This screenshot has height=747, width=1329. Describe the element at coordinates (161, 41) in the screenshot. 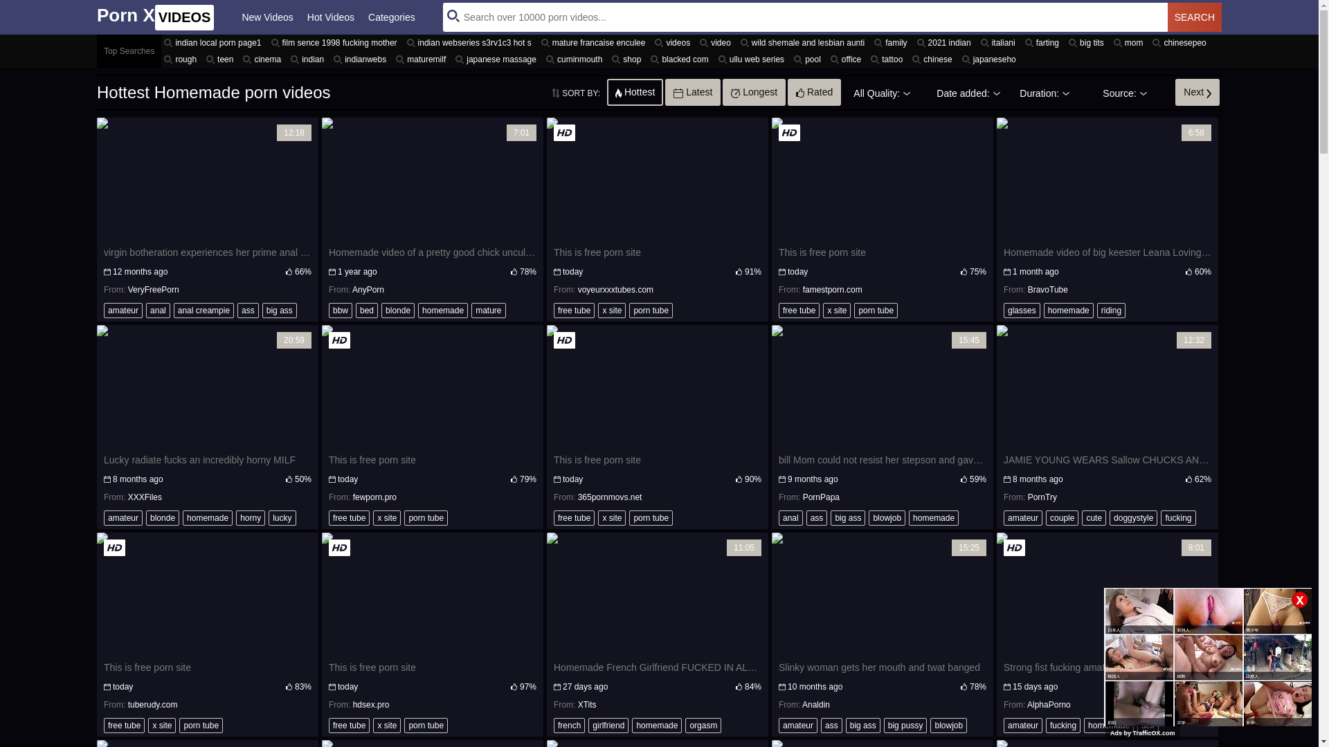

I see `'indian local porn page1'` at that location.